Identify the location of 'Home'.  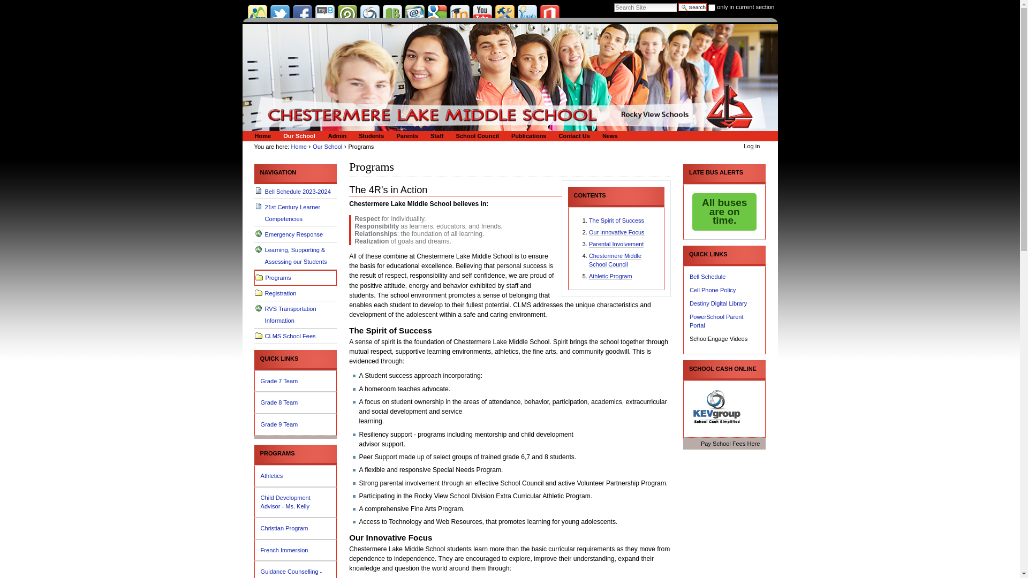
(299, 146).